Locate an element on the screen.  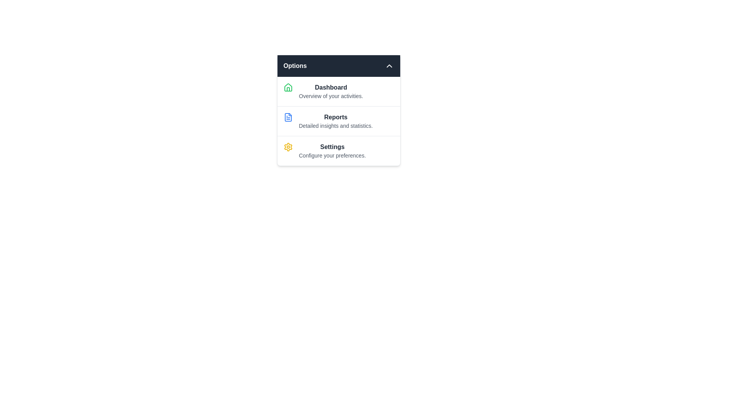
the house icon with a green outline located to the left of the text 'Dashboard' in the menu is located at coordinates (288, 87).